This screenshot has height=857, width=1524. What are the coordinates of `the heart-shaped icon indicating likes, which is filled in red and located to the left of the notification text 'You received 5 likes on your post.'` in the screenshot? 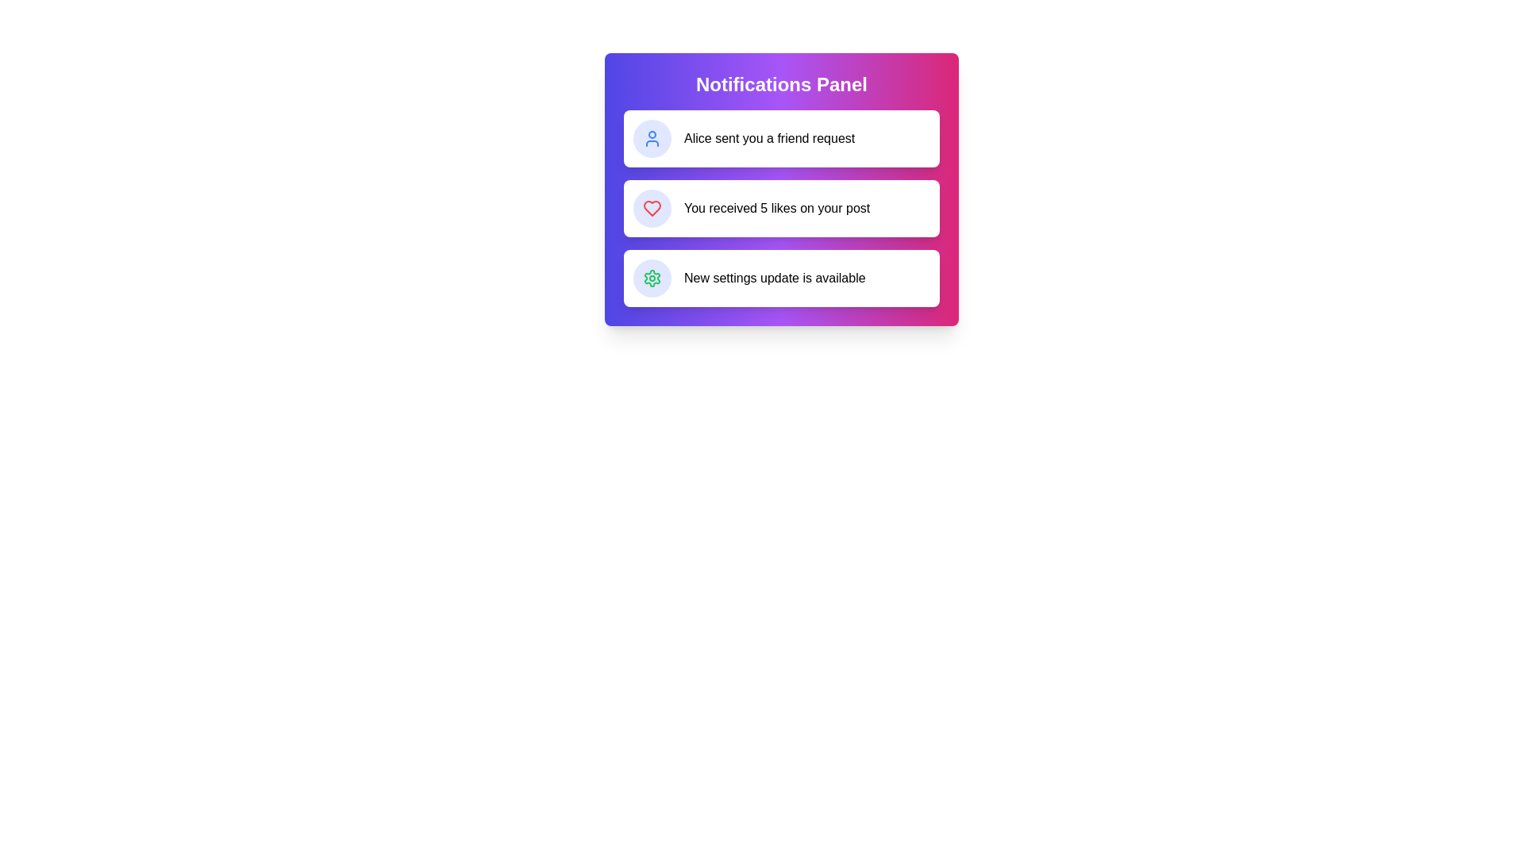 It's located at (652, 207).